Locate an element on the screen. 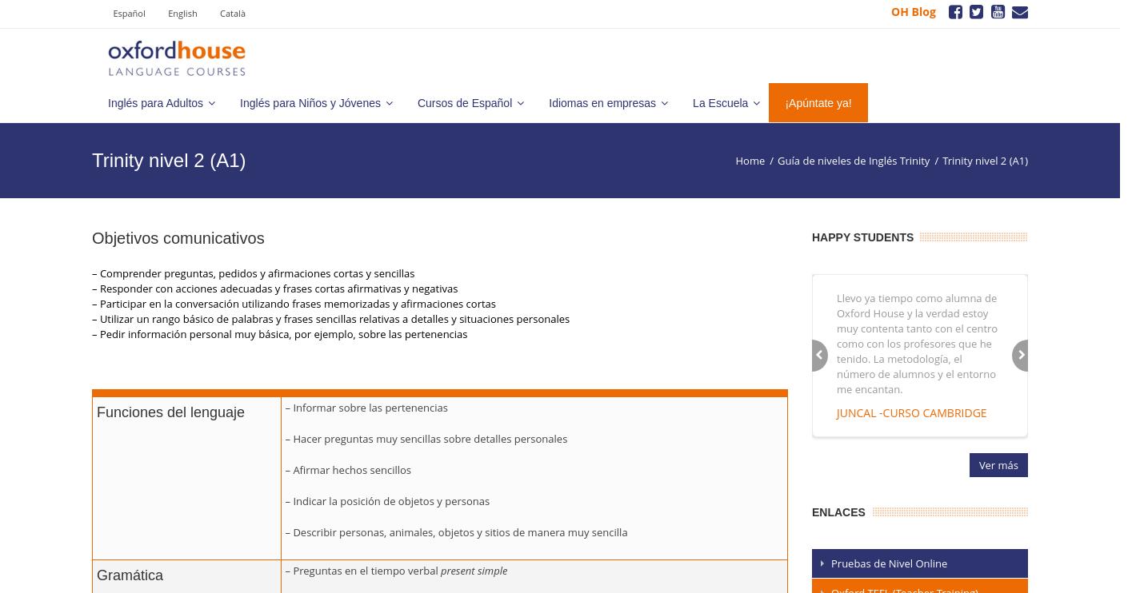 The width and height of the screenshot is (1144, 593). 'Ver más' is located at coordinates (978, 464).